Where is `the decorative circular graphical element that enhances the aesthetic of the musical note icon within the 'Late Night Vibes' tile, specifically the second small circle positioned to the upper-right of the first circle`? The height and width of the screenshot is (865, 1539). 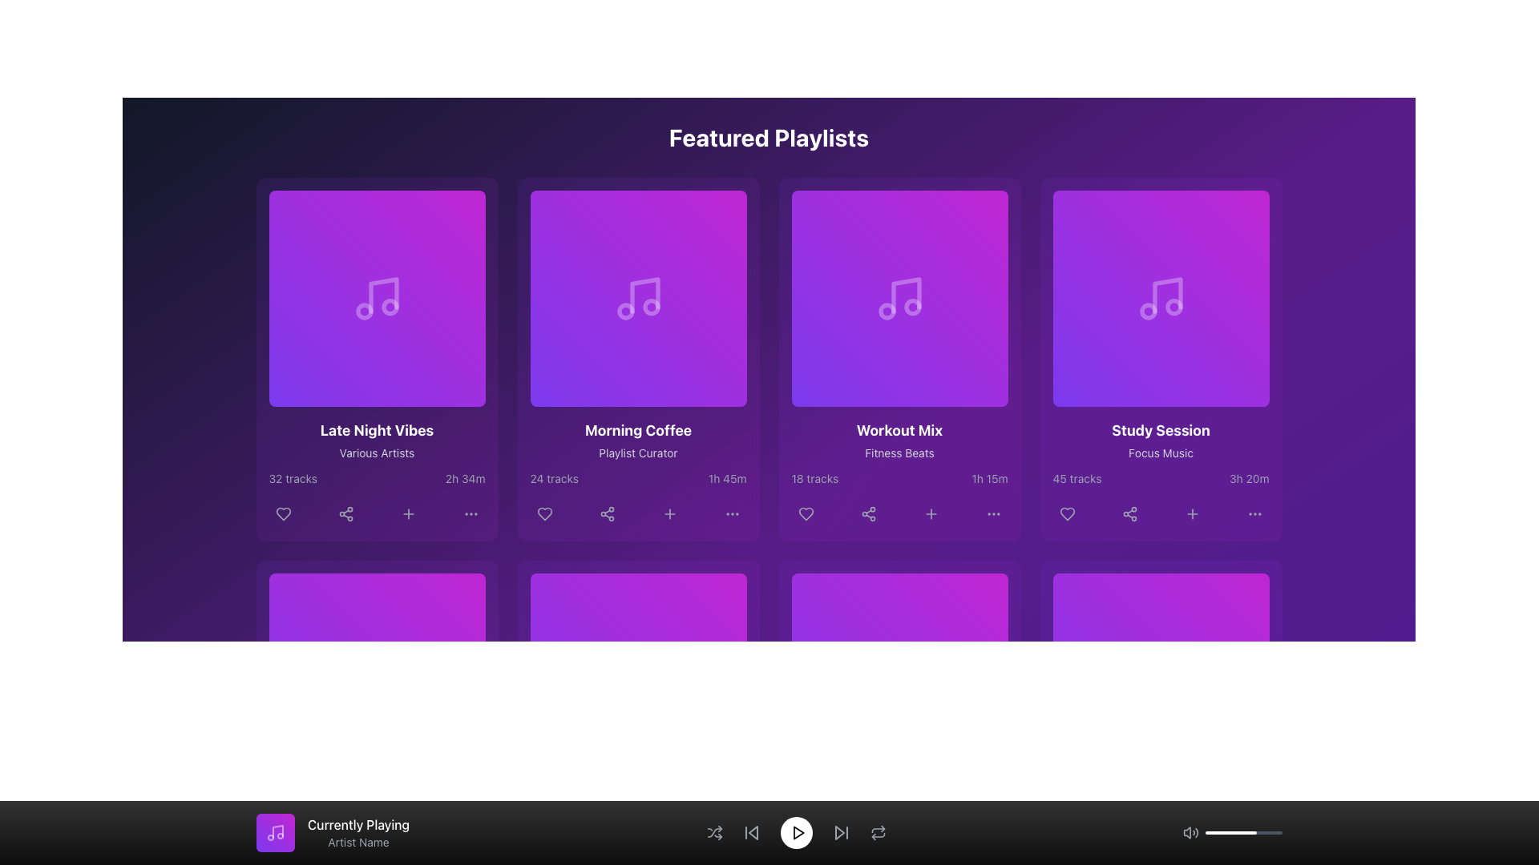
the decorative circular graphical element that enhances the aesthetic of the musical note icon within the 'Late Night Vibes' tile, specifically the second small circle positioned to the upper-right of the first circle is located at coordinates (390, 307).